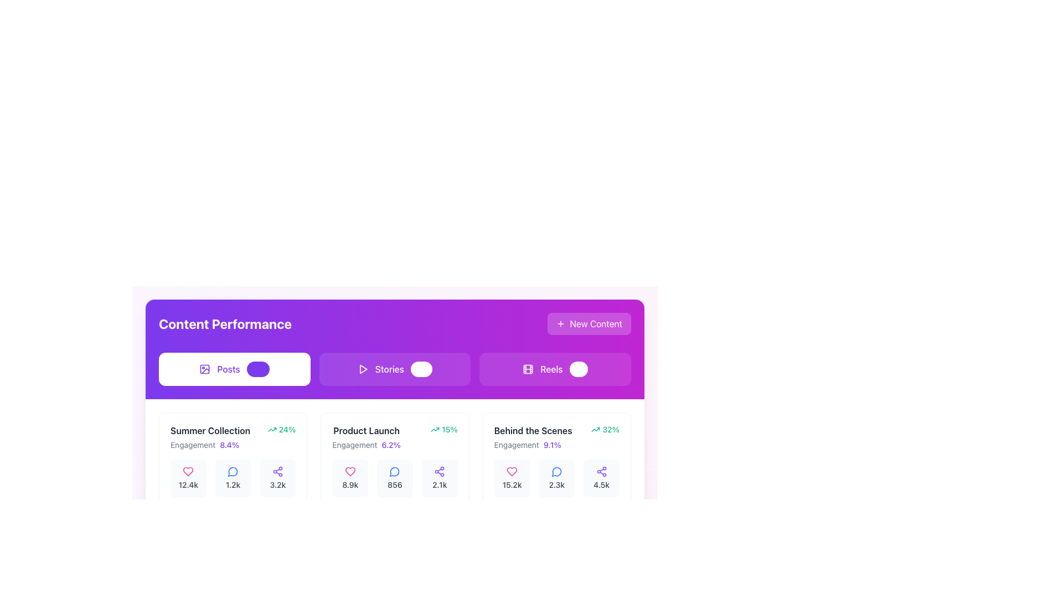 The width and height of the screenshot is (1063, 598). Describe the element at coordinates (233, 478) in the screenshot. I see `the engagement metric display component represented by the speech bubble icon and the numeric value '1.2k' located in the second column below the 'Summer Collection' section` at that location.